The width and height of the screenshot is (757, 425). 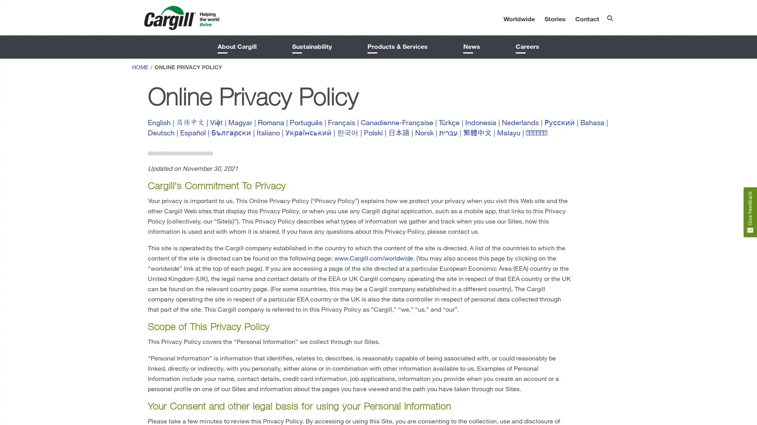 I want to click on Search, so click(x=593, y=15).